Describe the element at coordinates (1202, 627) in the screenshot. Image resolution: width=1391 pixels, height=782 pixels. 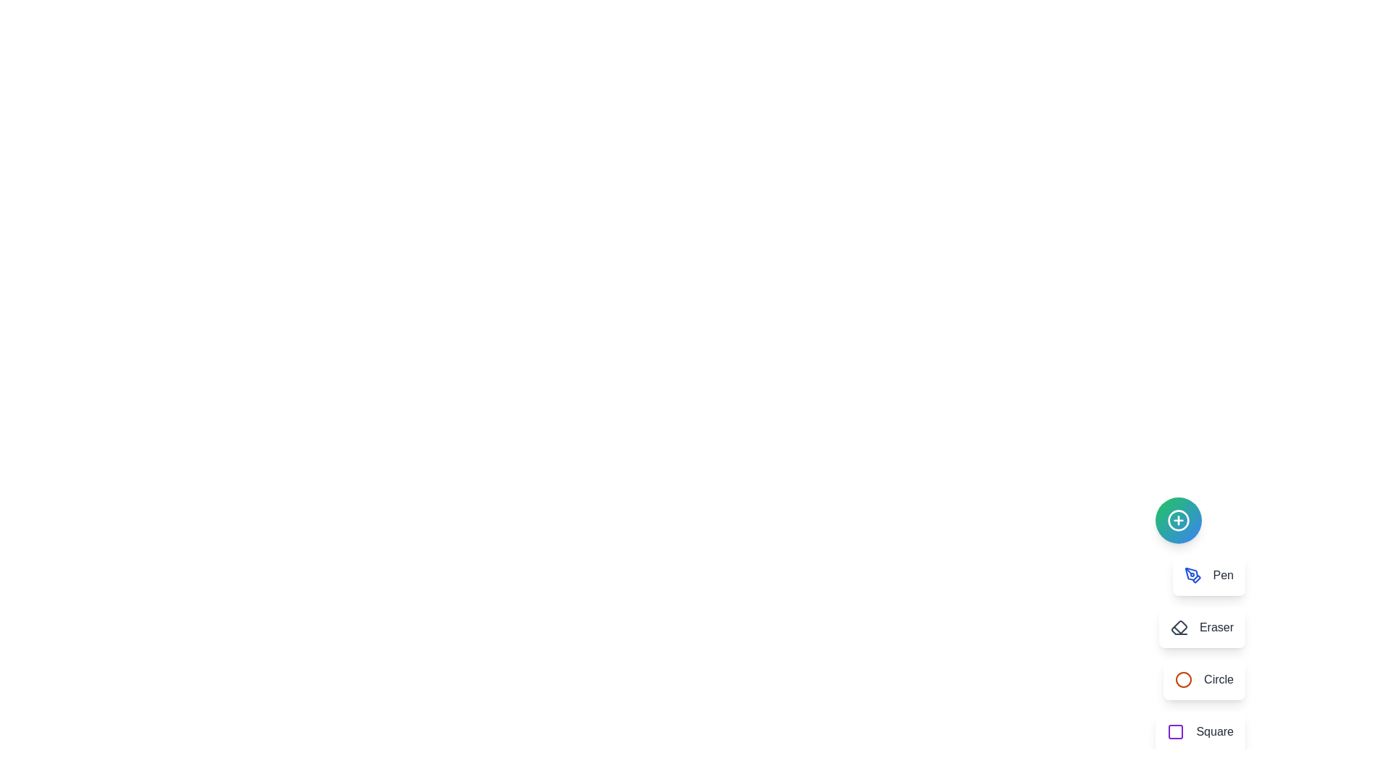
I see `the tool menu item labeled Eraser to see its animation` at that location.